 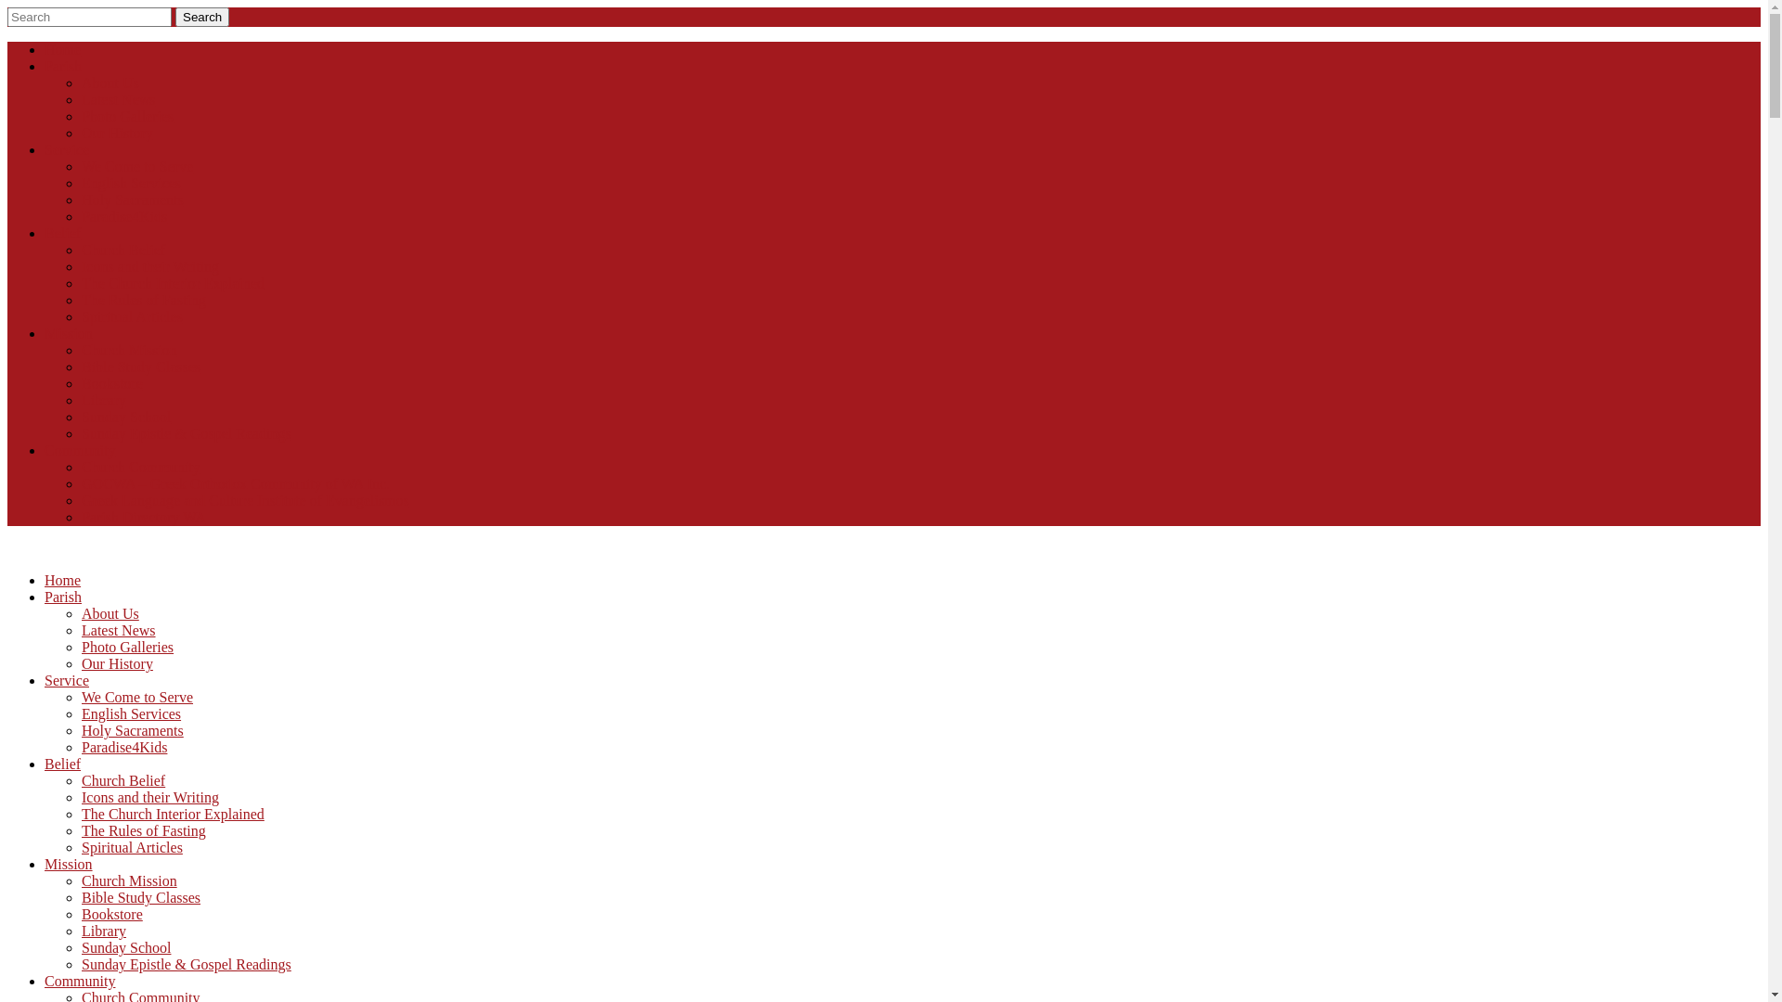 What do you see at coordinates (79, 980) in the screenshot?
I see `'Community'` at bounding box center [79, 980].